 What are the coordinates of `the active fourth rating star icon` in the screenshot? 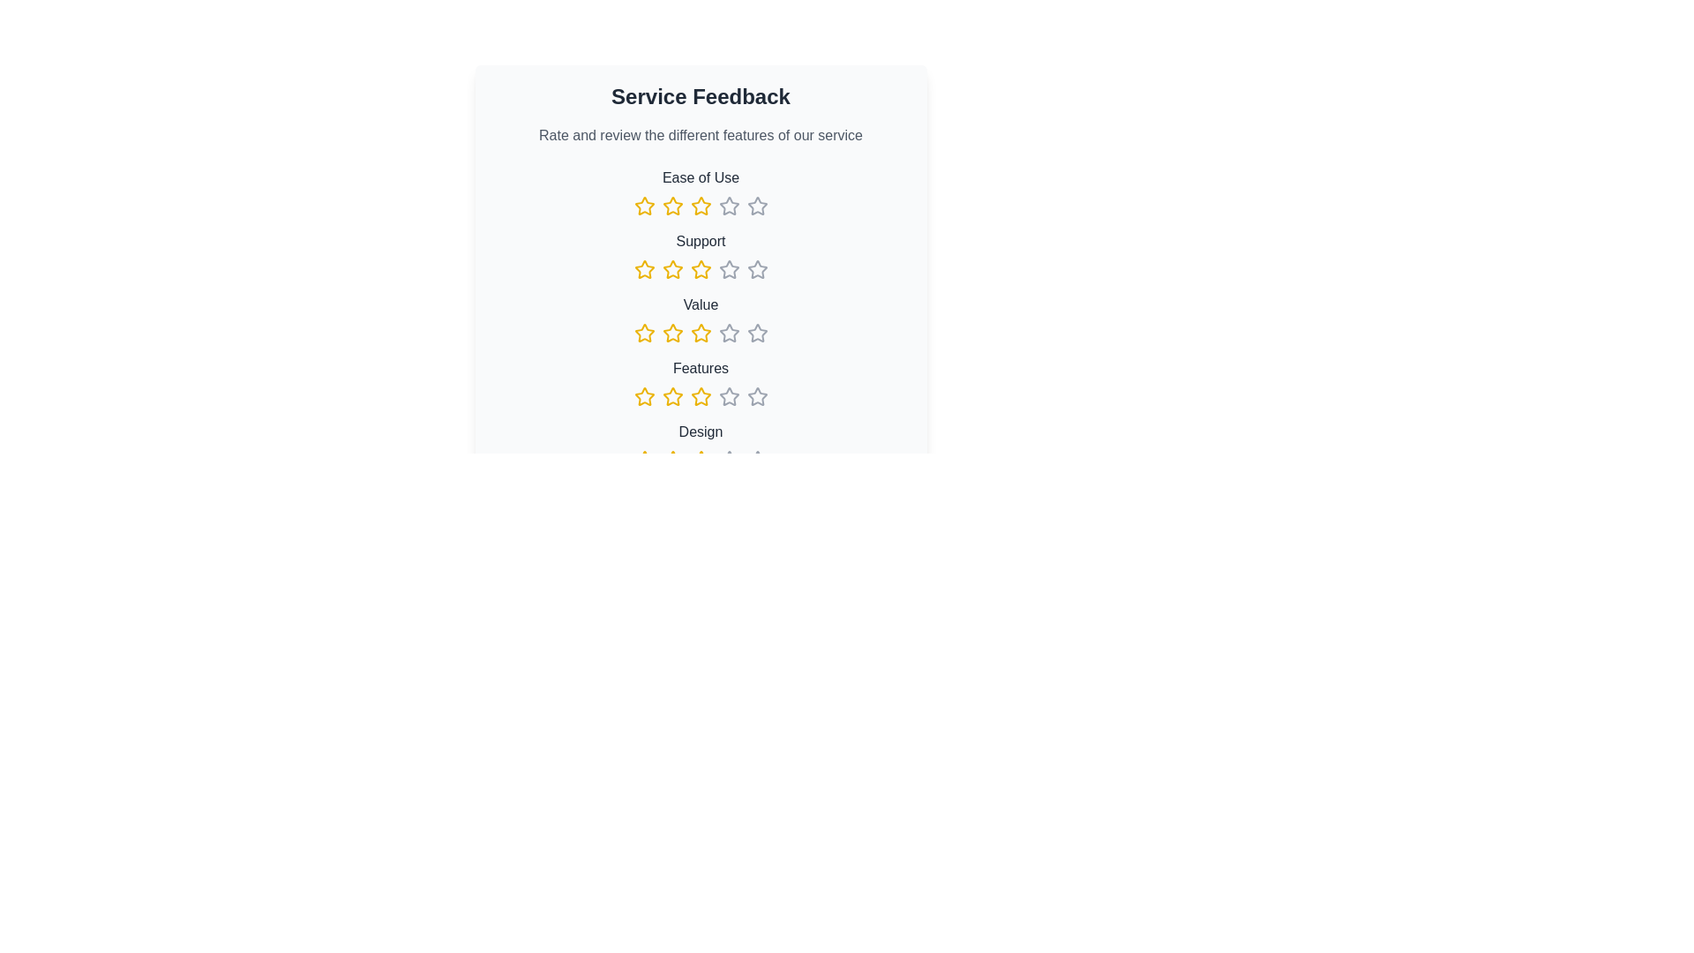 It's located at (700, 206).